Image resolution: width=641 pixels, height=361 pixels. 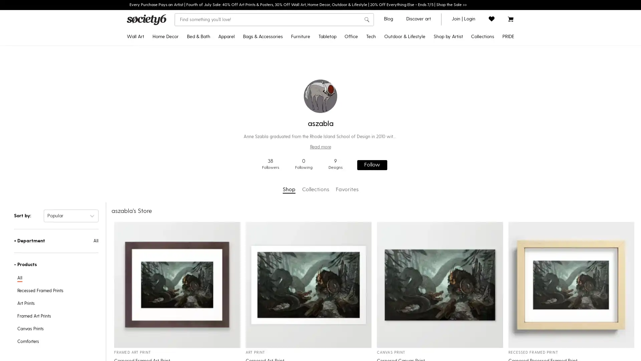 I want to click on V-Neck T-Shirts, so click(x=247, y=107).